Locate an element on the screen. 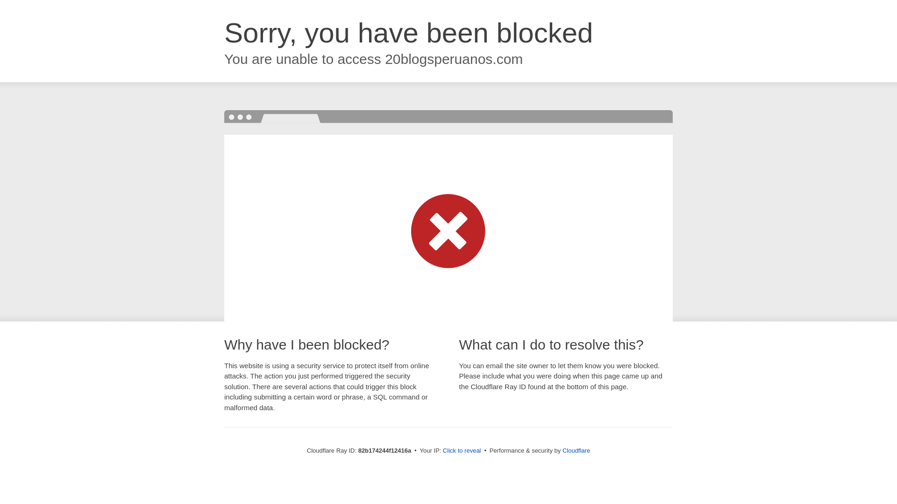 The height and width of the screenshot is (504, 897). 'Click to reveal' is located at coordinates (462, 450).